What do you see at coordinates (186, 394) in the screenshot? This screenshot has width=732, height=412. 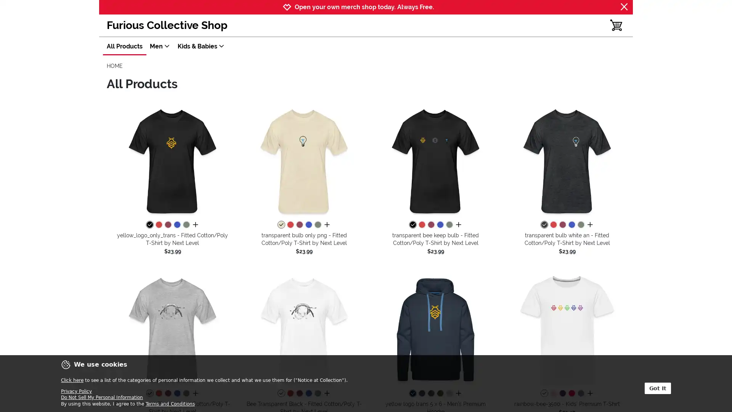 I see `heather military green` at bounding box center [186, 394].